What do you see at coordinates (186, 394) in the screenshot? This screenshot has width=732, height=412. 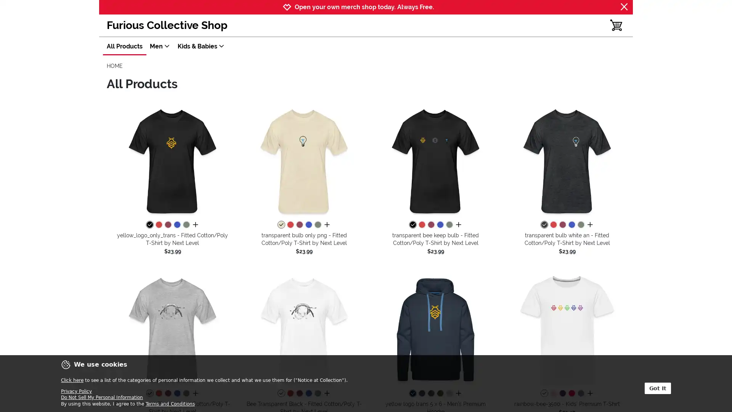 I see `heather military green` at bounding box center [186, 394].